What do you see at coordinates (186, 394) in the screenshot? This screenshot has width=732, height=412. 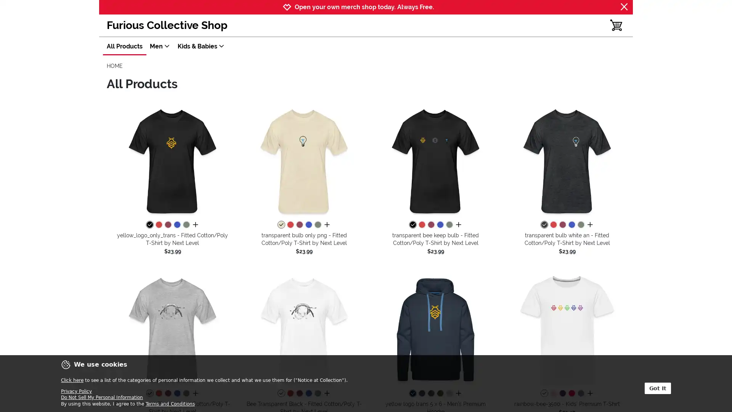 I see `heather military green` at bounding box center [186, 394].